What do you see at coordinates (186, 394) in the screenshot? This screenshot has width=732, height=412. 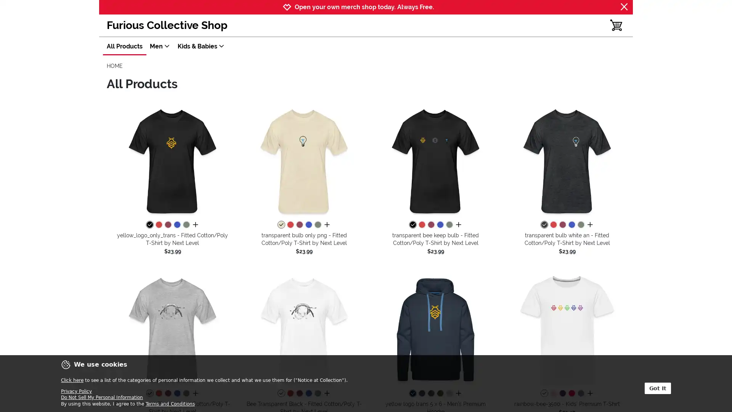 I see `heather military green` at bounding box center [186, 394].